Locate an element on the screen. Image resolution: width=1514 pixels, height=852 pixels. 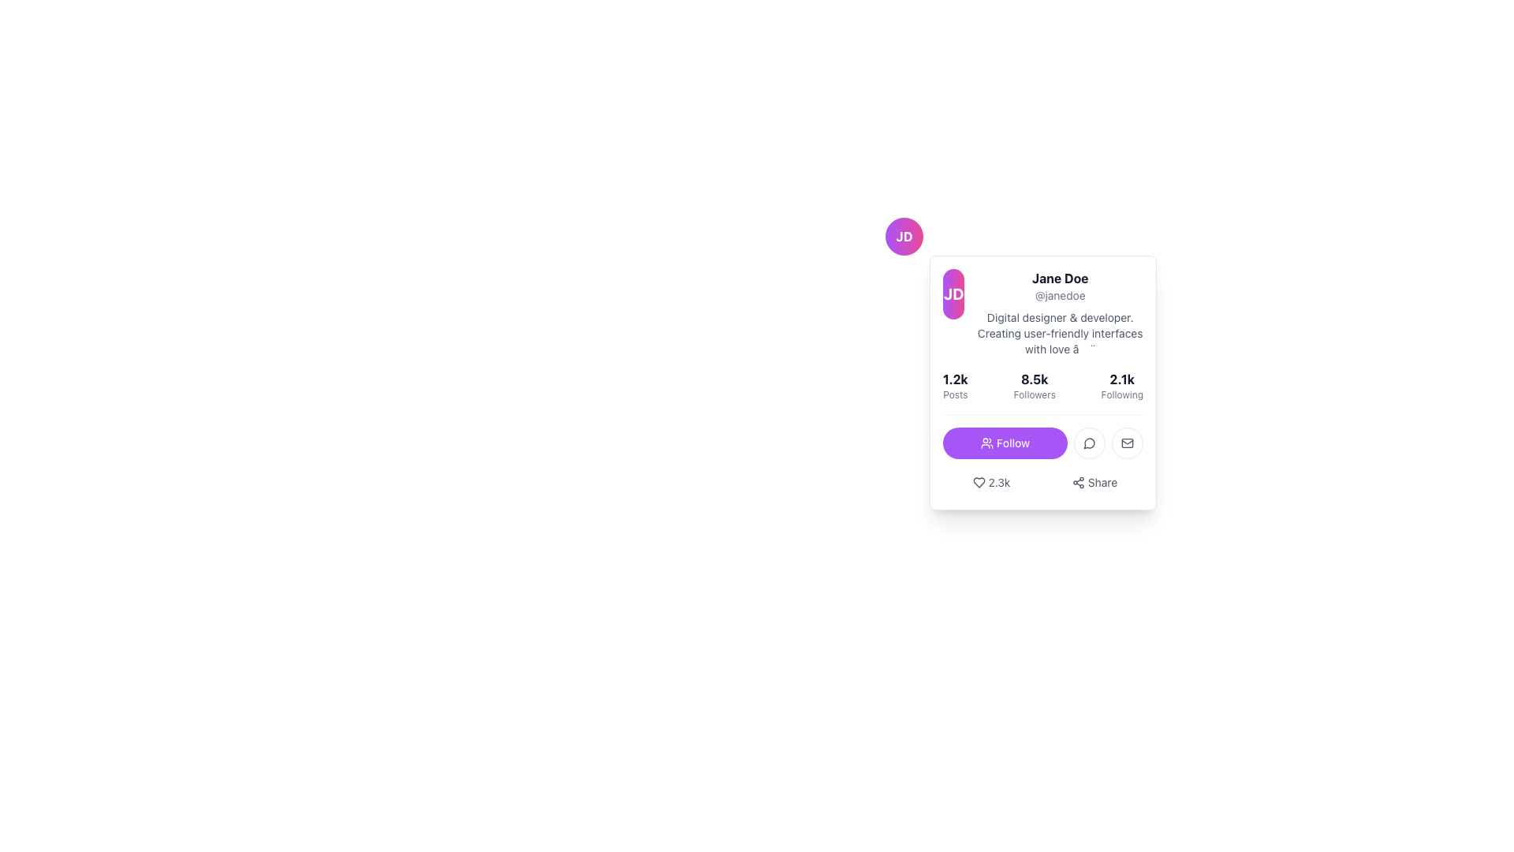
the text label that serves as a descriptor for the follower count, which is vertically aligned below the '8.5k' text and is centered horizontally in the middle group of three such sections is located at coordinates (1035, 394).